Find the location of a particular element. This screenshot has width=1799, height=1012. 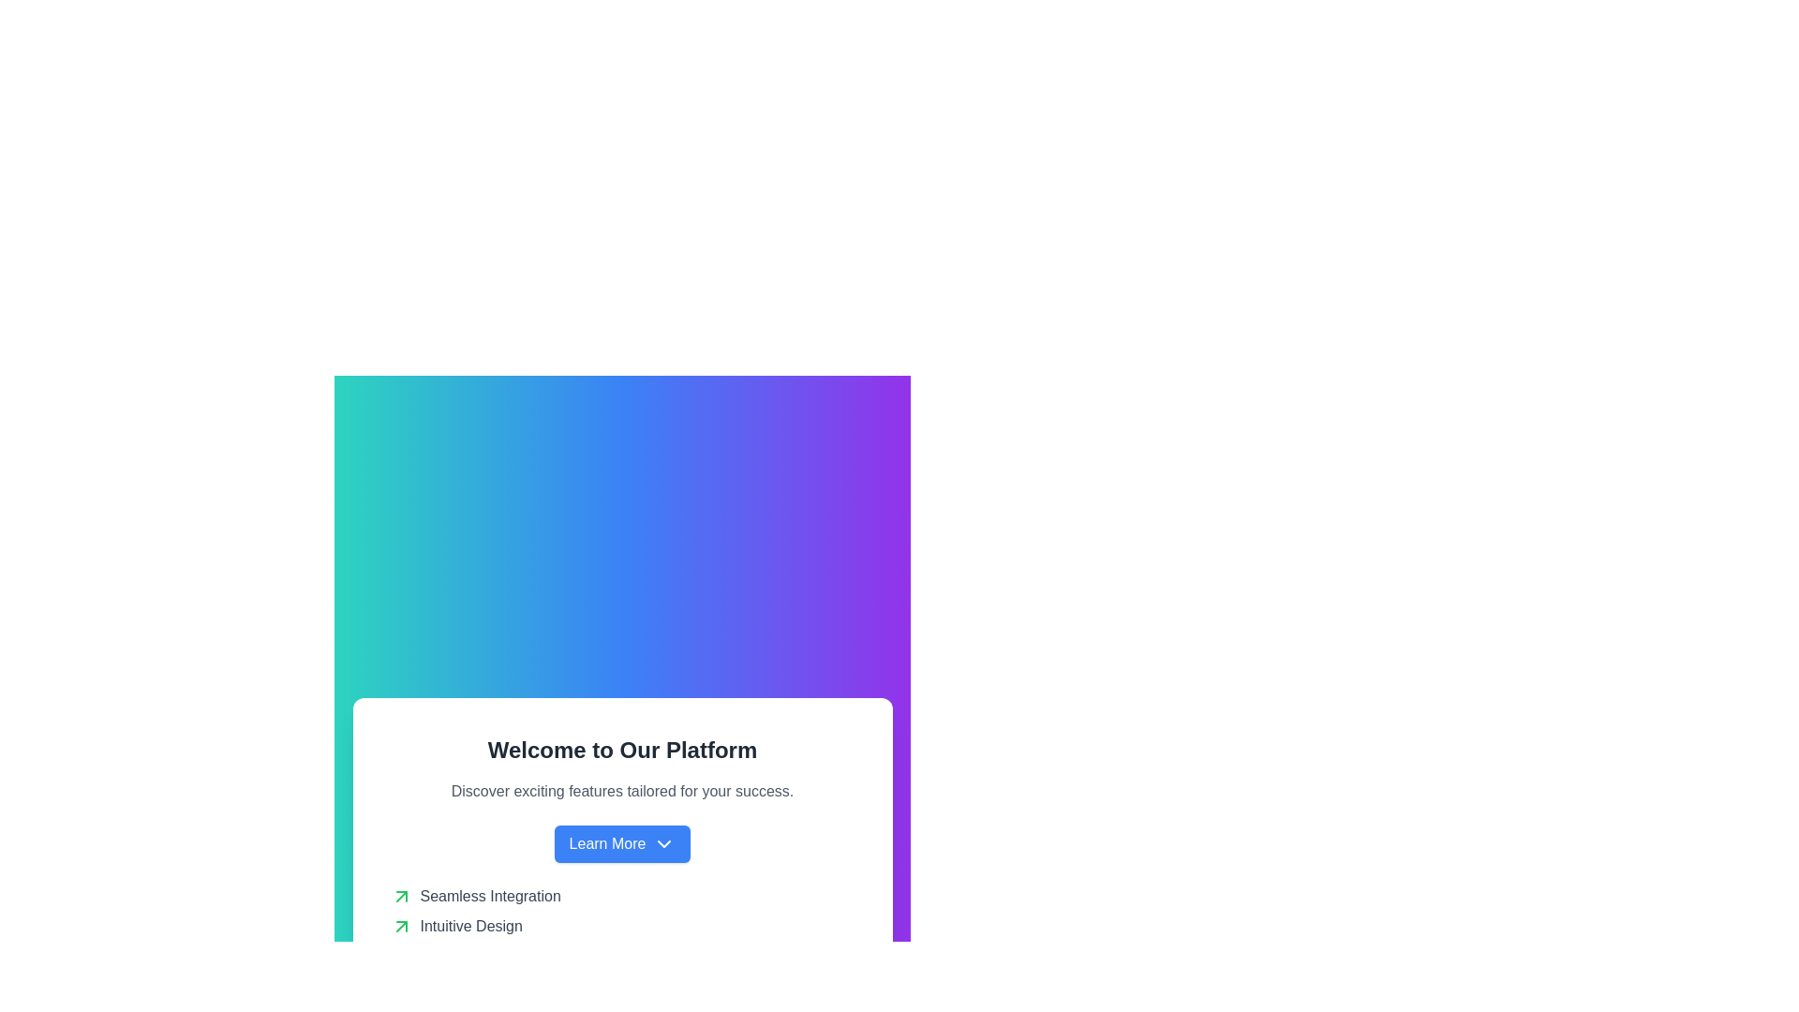

the static informational text located directly under the header 'Welcome to Our Platform' and above the 'Learn More' button within the card is located at coordinates (622, 791).